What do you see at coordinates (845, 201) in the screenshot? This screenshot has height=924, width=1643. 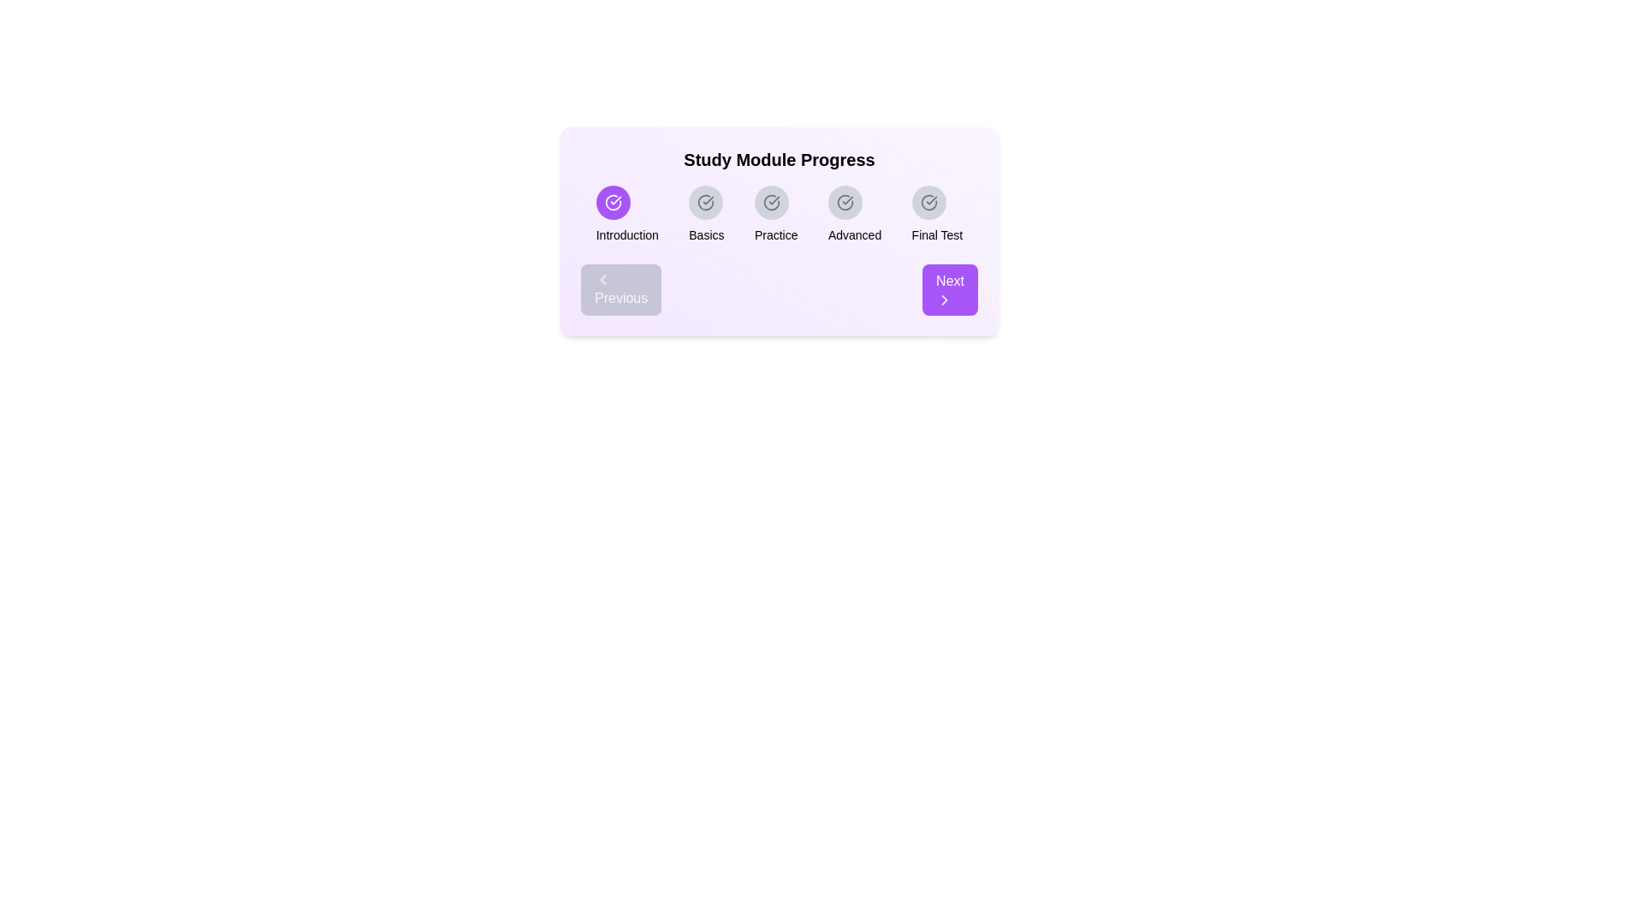 I see `the Circular progress indicator for the 'Advanced' module stage in the 'Study Module Progress' section, which is the fourth item from the left` at bounding box center [845, 201].